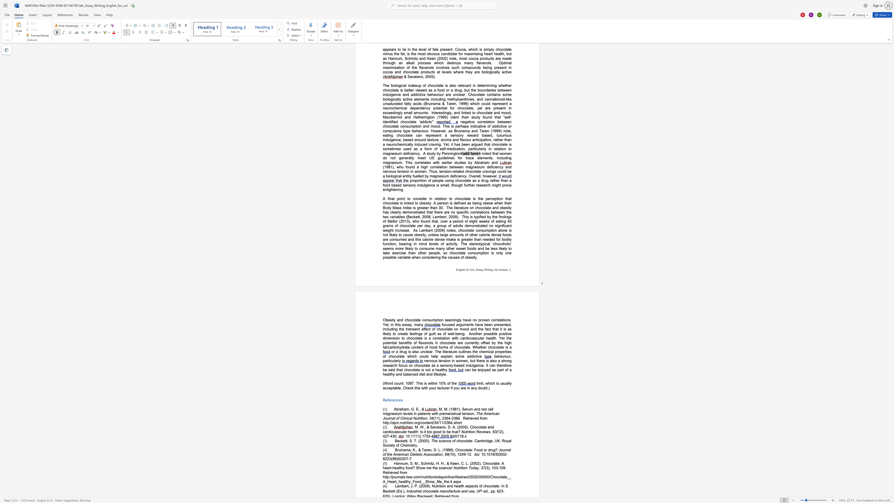  I want to click on the subset text "this e" within the text "no proven correlations. Yet, in this essay, many", so click(395, 324).